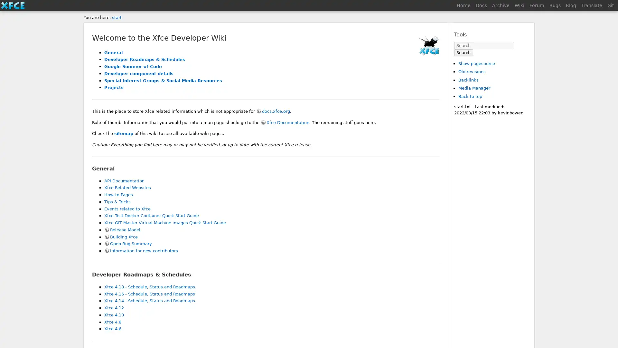 The image size is (618, 348). I want to click on Search, so click(464, 52).